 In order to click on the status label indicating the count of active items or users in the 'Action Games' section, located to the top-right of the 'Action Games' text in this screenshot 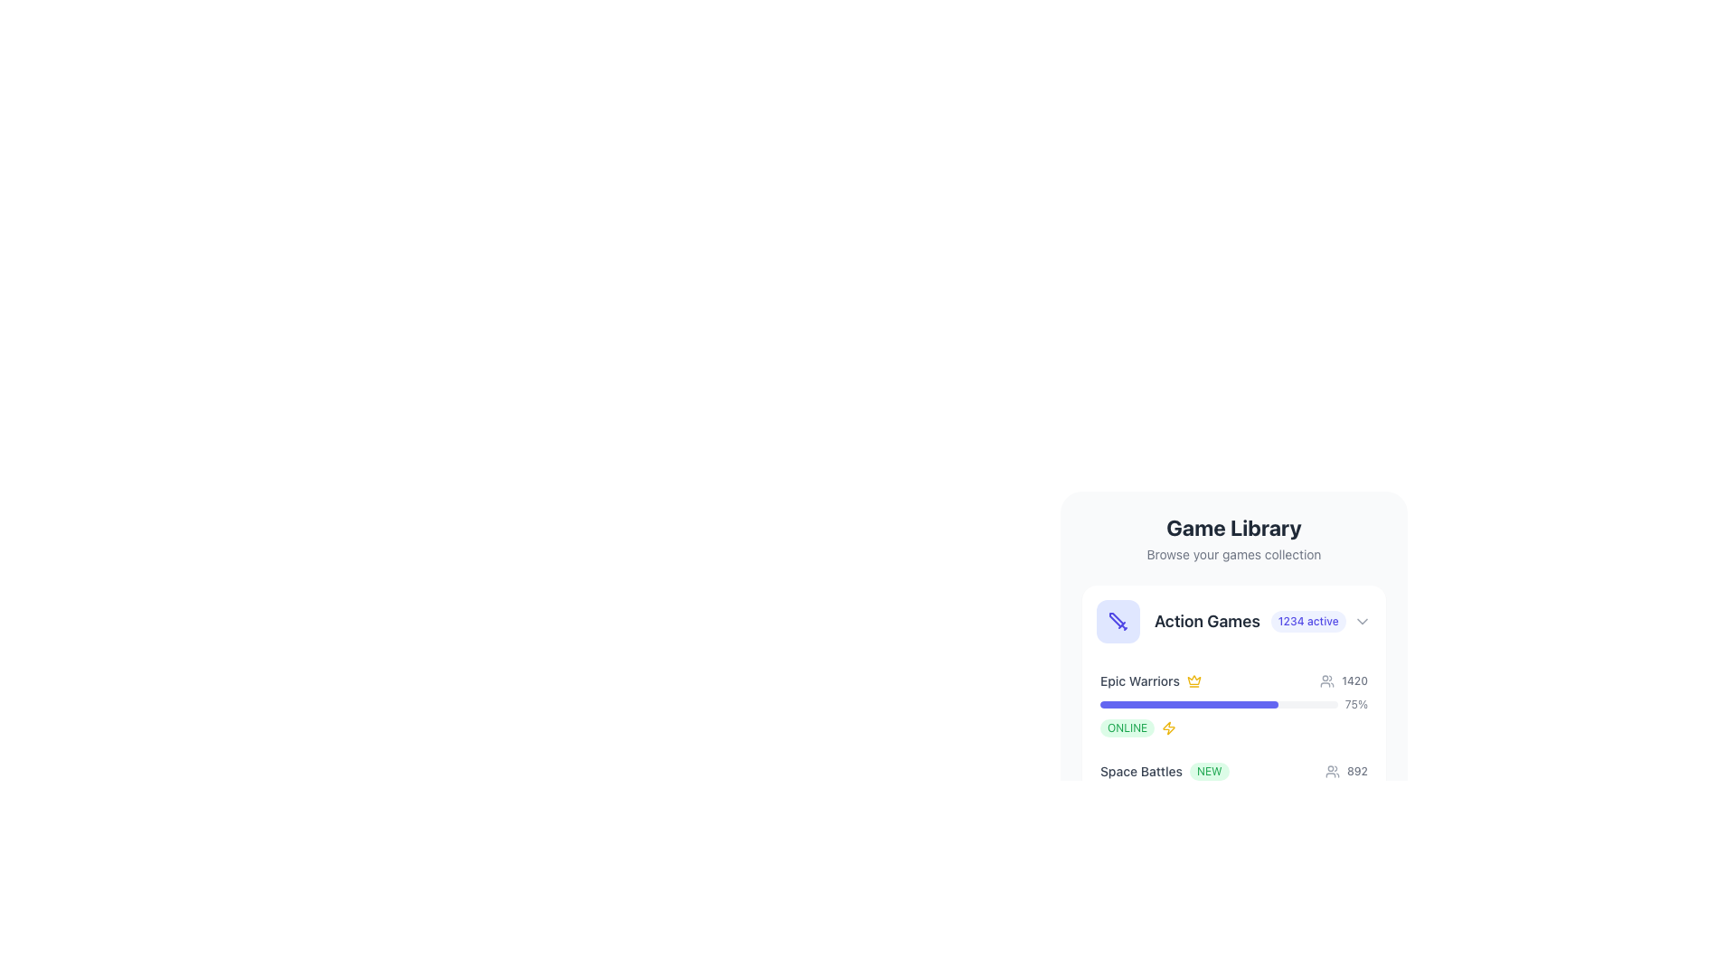, I will do `click(1308, 620)`.